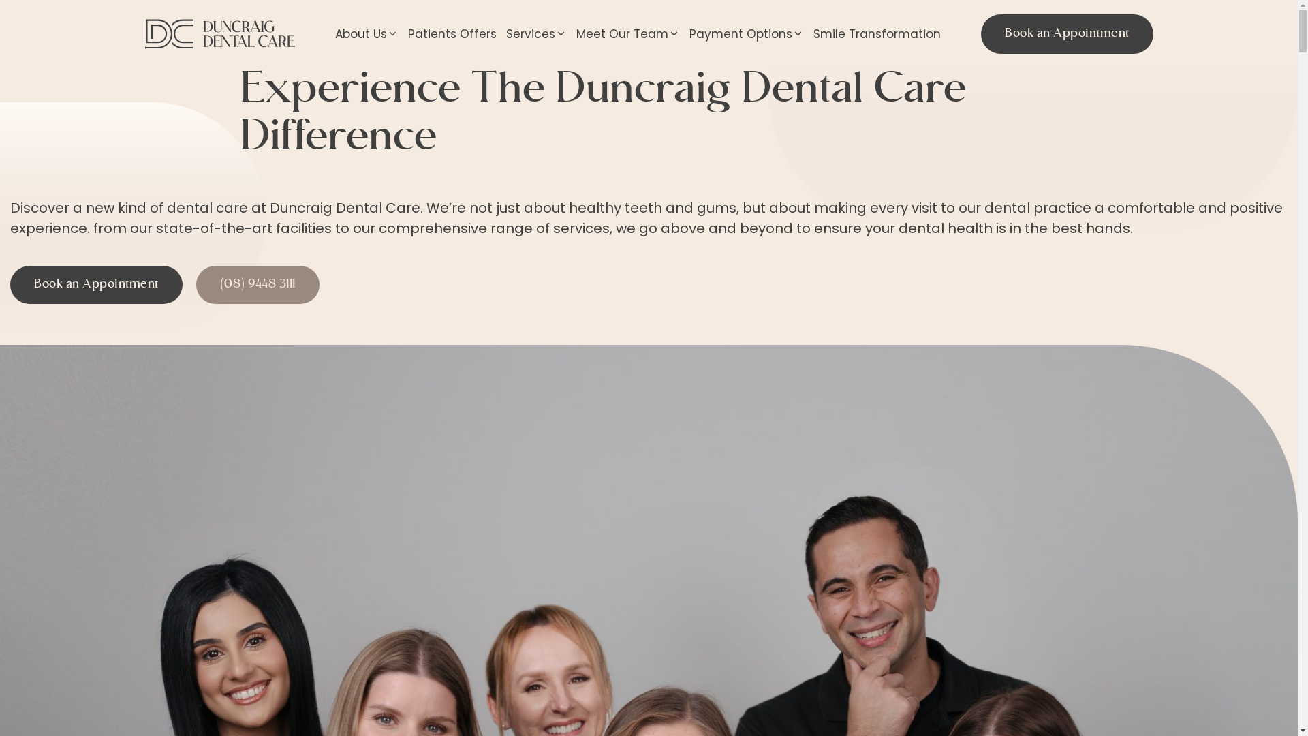 The height and width of the screenshot is (736, 1308). I want to click on 'Payment Options', so click(745, 33).